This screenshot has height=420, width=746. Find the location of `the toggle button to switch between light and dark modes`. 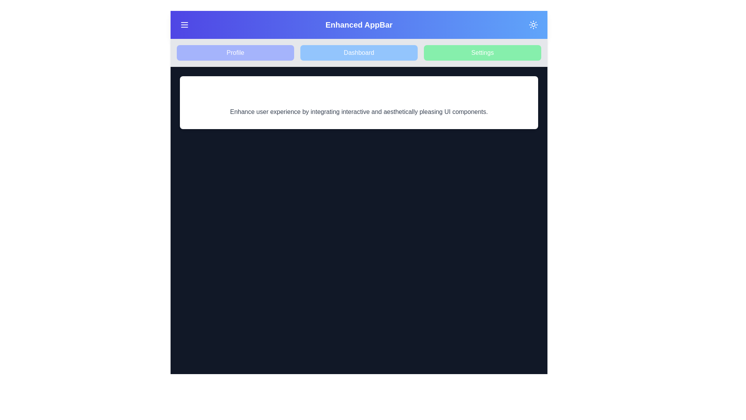

the toggle button to switch between light and dark modes is located at coordinates (533, 24).